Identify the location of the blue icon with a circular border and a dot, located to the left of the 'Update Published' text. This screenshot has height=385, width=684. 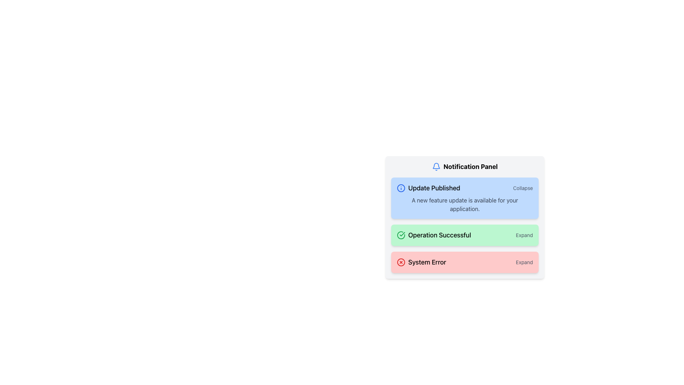
(401, 188).